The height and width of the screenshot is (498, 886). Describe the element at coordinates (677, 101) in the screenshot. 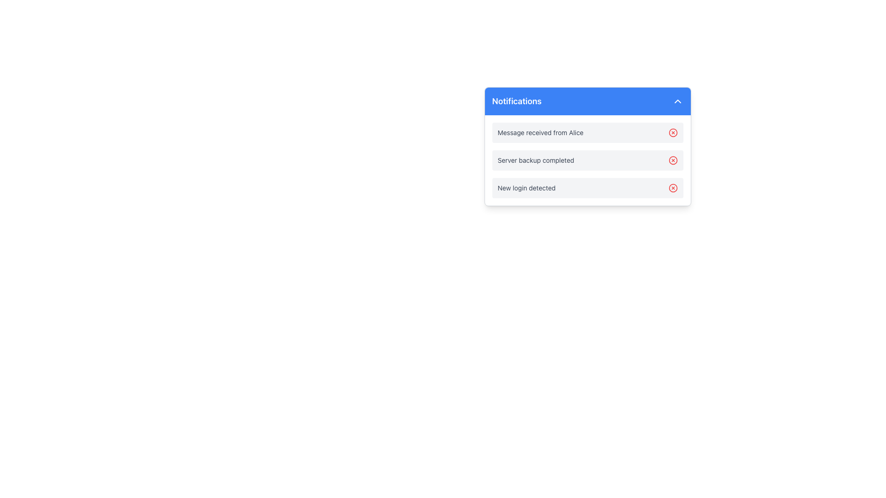

I see `the chevron icon button located at the right-hand corner of the blue 'Notifications' bar to toggle the visibility of the content below` at that location.